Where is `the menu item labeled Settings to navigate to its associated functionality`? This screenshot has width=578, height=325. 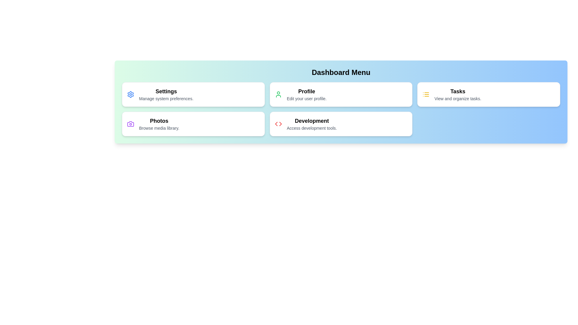 the menu item labeled Settings to navigate to its associated functionality is located at coordinates (193, 94).